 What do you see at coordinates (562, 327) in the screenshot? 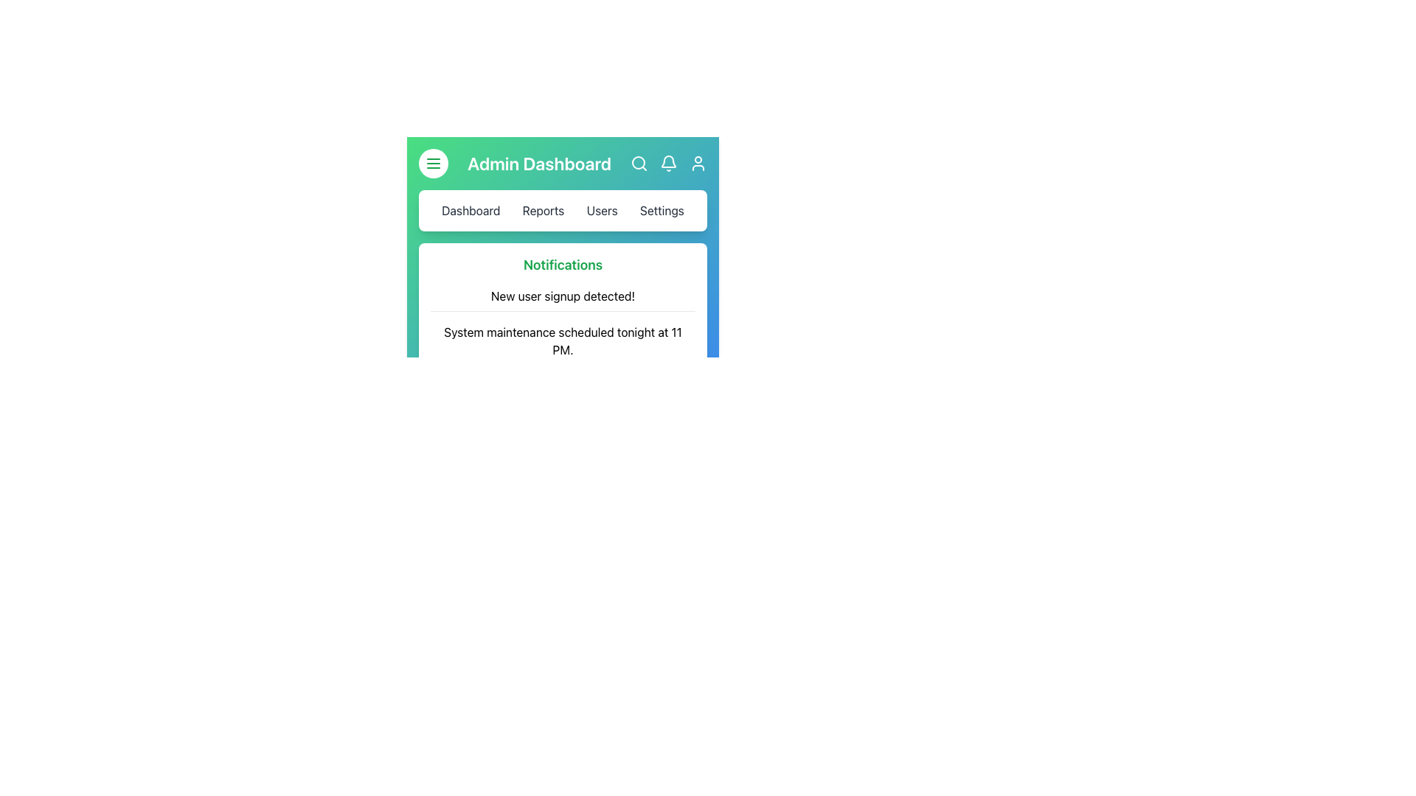
I see `the individual messages within the white notification box titled 'Notifications' that contains messages about new user signup, system maintenance, and backup completion` at bounding box center [562, 327].